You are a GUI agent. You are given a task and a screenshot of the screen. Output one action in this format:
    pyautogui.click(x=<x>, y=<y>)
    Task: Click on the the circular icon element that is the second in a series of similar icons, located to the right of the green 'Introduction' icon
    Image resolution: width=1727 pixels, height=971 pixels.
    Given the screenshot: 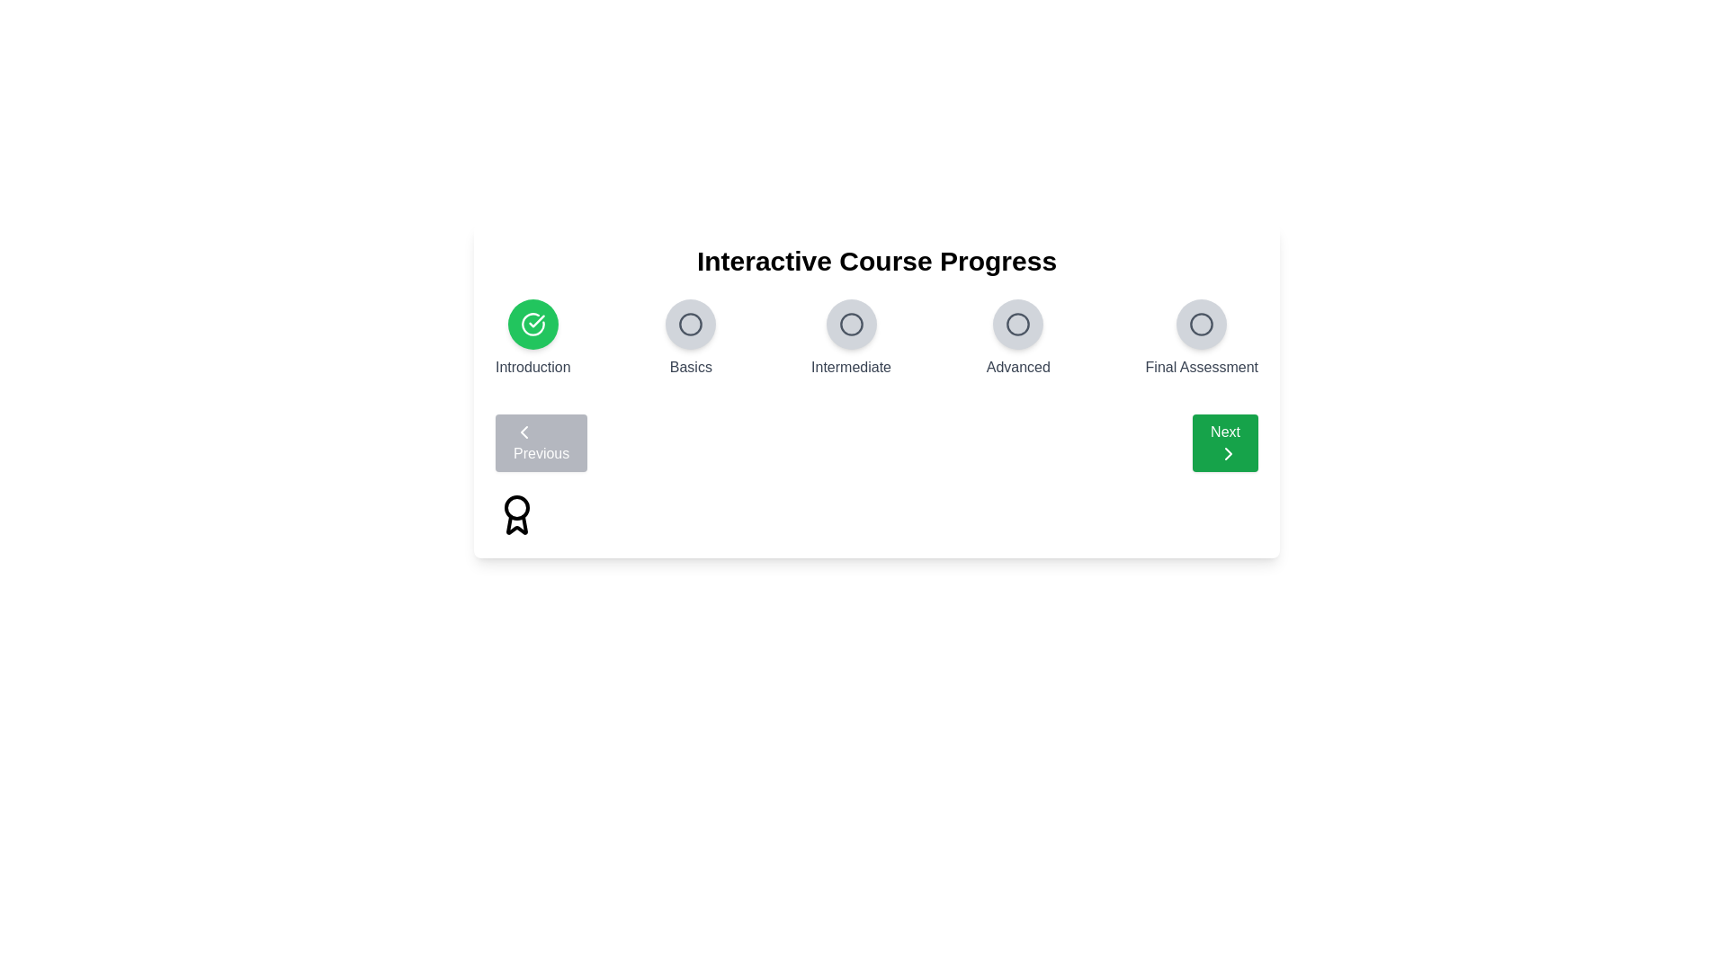 What is the action you would take?
    pyautogui.click(x=690, y=325)
    